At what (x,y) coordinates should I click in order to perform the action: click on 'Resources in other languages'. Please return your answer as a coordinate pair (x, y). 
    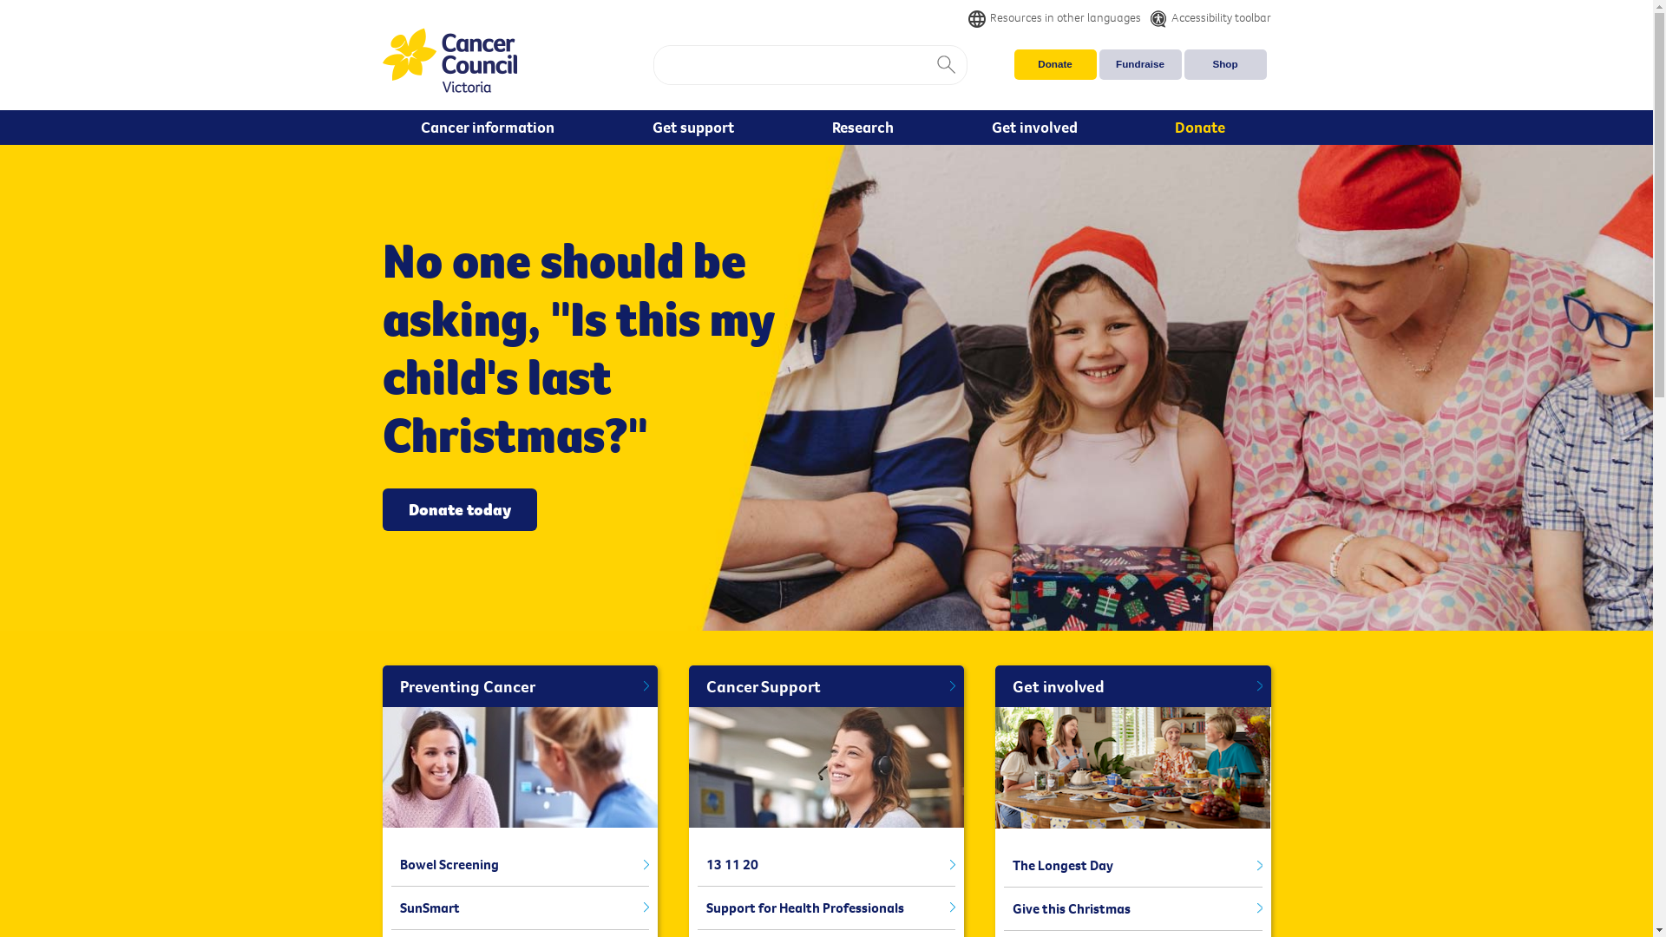
    Looking at the image, I should click on (967, 16).